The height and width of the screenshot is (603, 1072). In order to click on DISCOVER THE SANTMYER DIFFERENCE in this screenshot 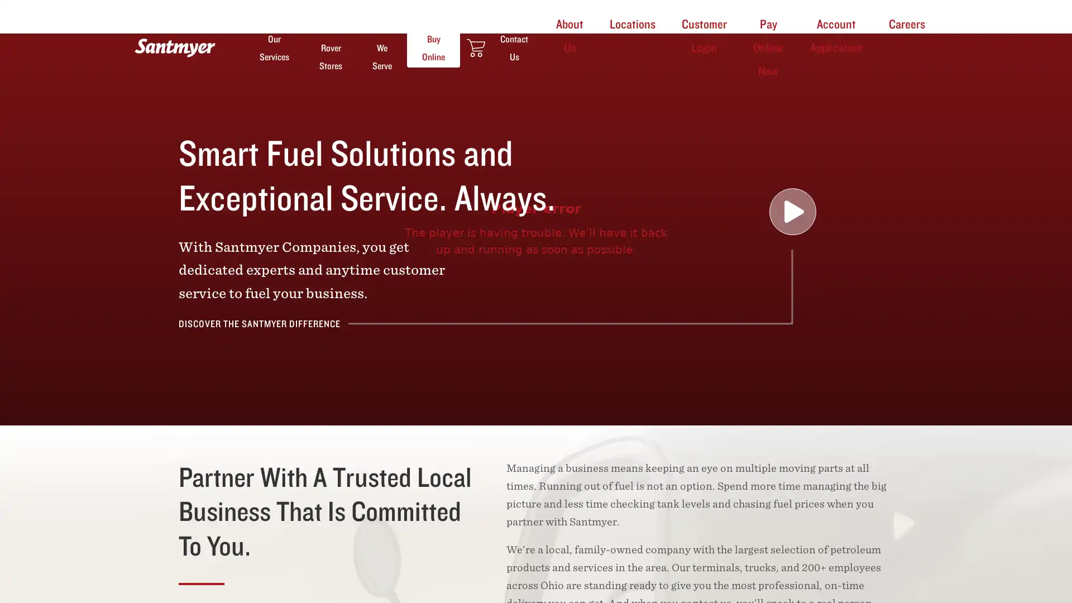, I will do `click(259, 321)`.